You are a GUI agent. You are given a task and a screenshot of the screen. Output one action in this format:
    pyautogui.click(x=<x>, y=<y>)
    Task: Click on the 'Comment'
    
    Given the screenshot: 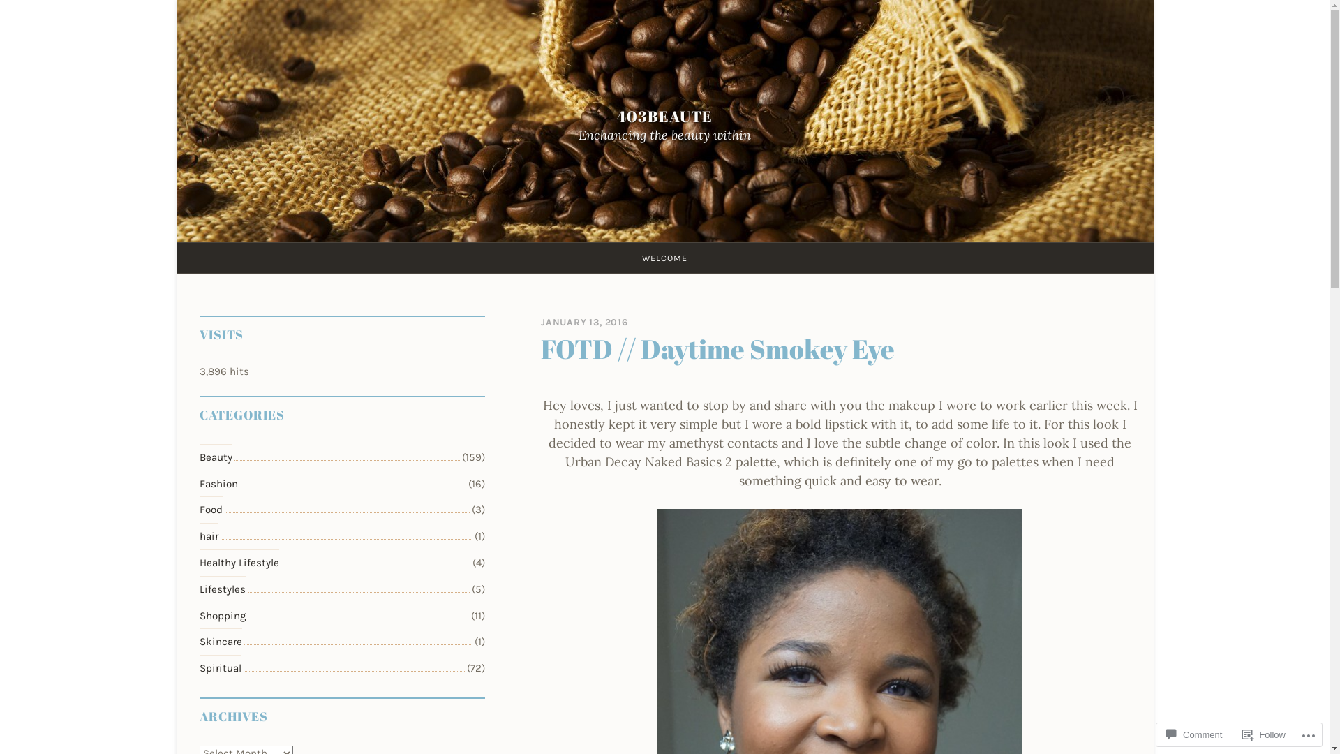 What is the action you would take?
    pyautogui.click(x=1193, y=734)
    